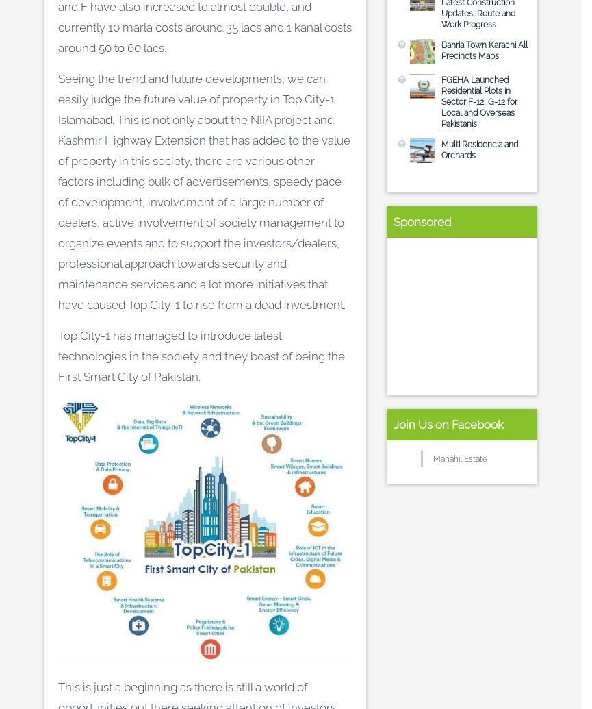  Describe the element at coordinates (199, 375) in the screenshot. I see `'.'` at that location.